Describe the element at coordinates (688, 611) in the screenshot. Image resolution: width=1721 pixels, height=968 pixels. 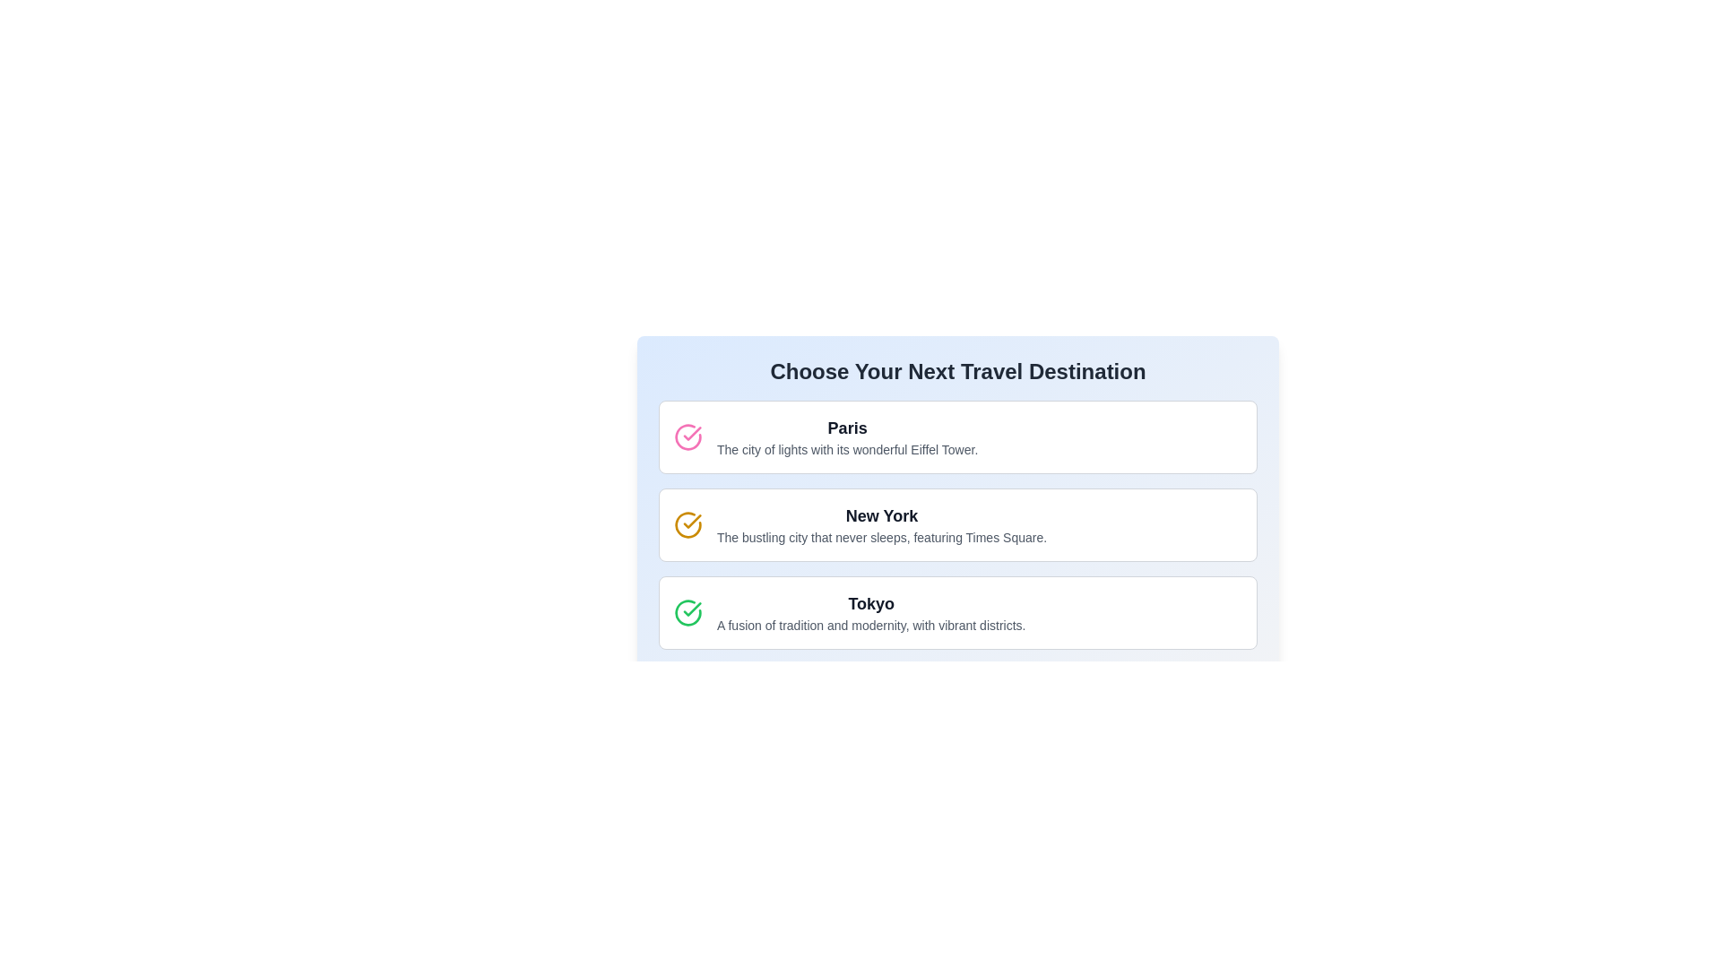
I see `the icon representing the 'Tokyo' option, which is the leftmost item in the third row of options` at that location.